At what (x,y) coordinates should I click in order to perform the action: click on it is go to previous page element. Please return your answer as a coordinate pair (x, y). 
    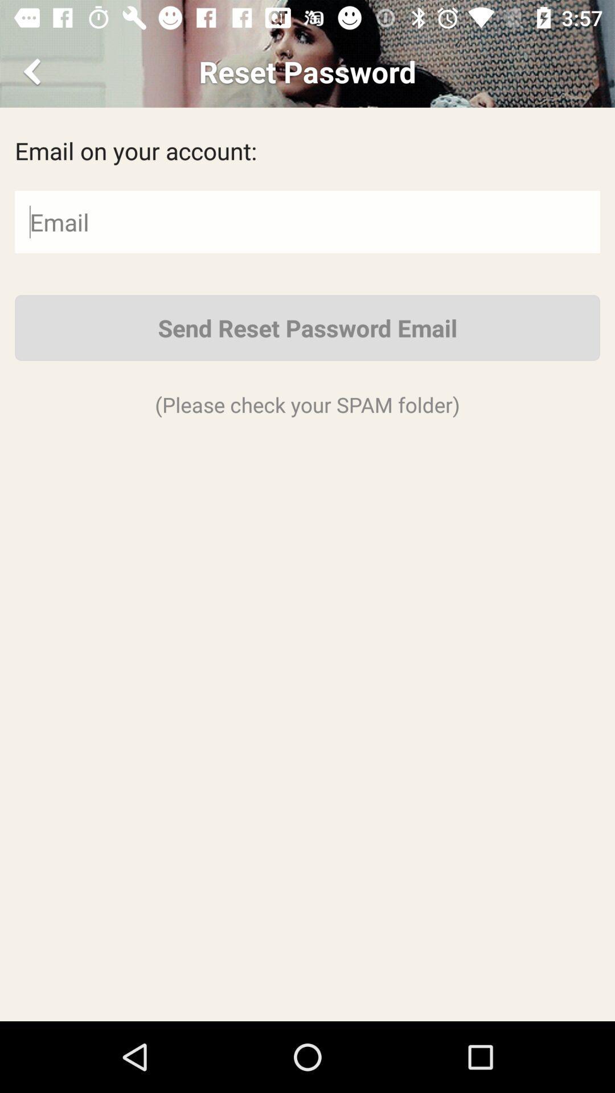
    Looking at the image, I should click on (34, 71).